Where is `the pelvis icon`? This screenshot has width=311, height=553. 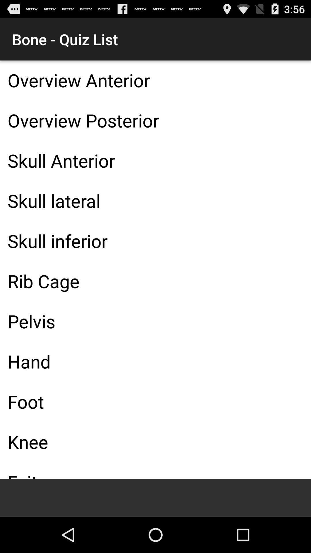 the pelvis icon is located at coordinates (155, 321).